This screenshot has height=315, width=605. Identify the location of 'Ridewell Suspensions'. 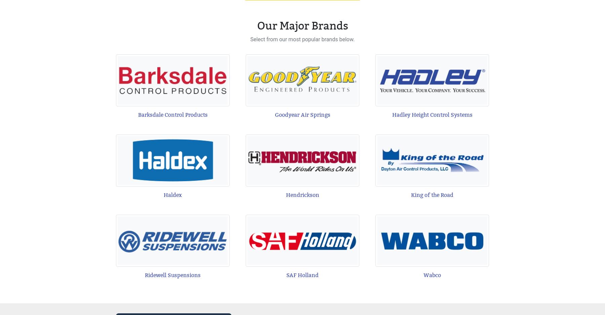
(172, 275).